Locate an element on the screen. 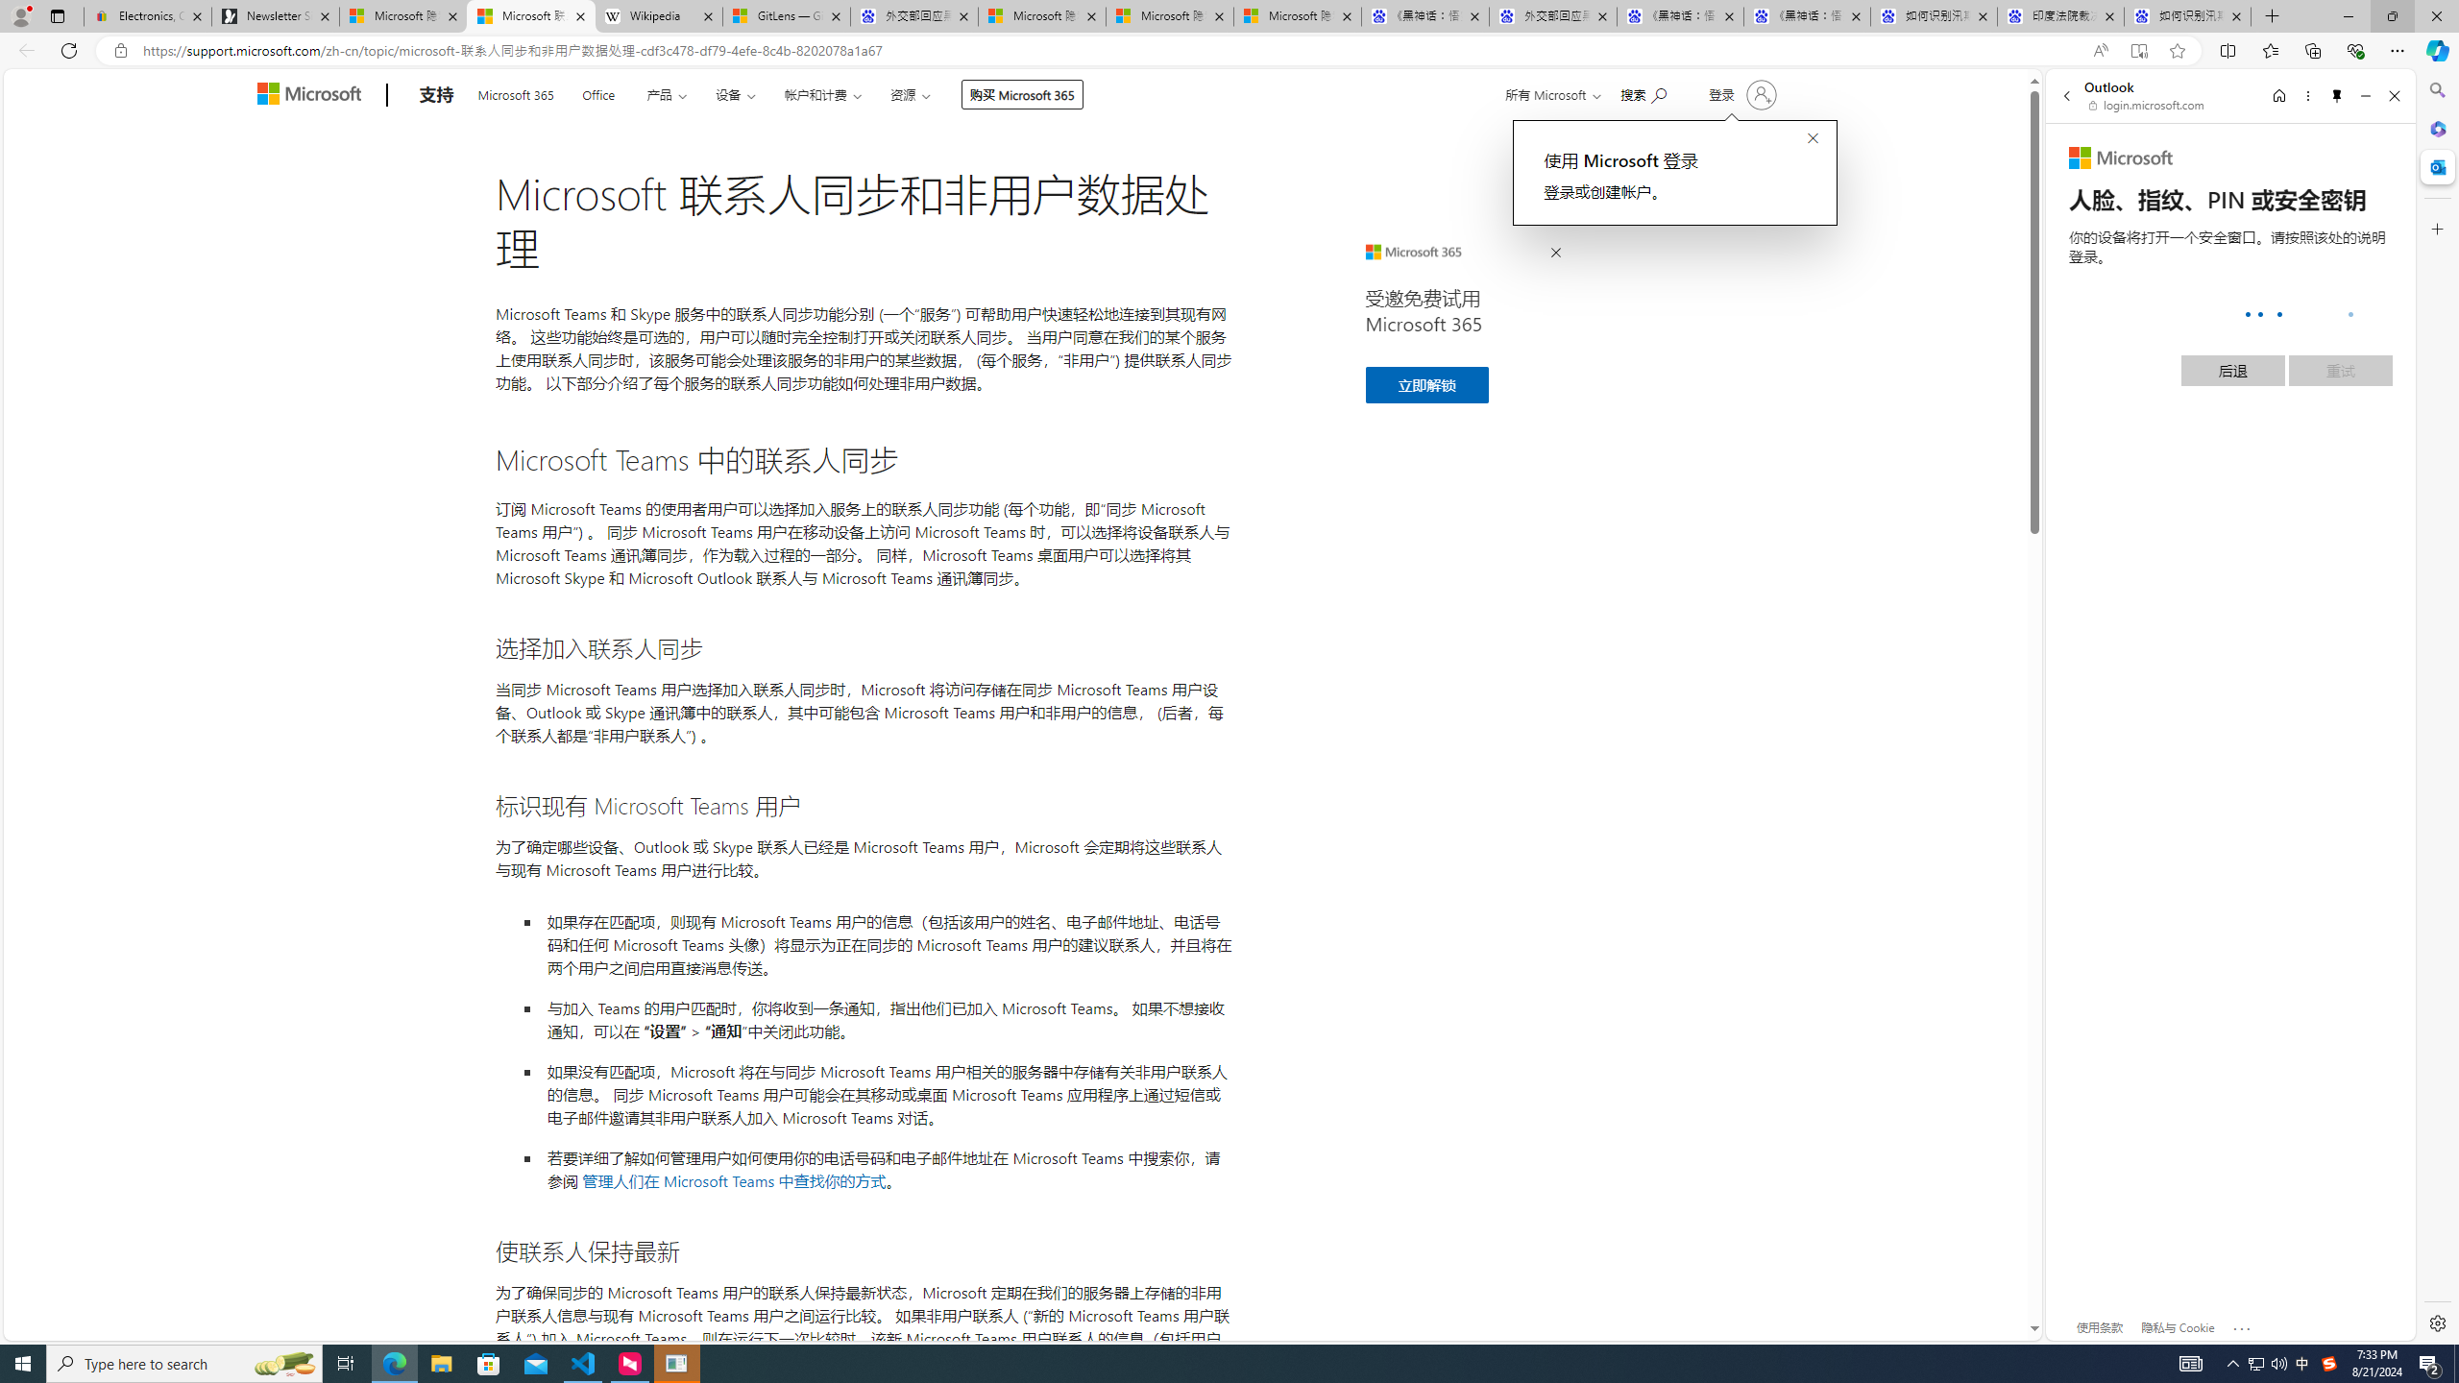  'Unpin side pane' is located at coordinates (2337, 95).